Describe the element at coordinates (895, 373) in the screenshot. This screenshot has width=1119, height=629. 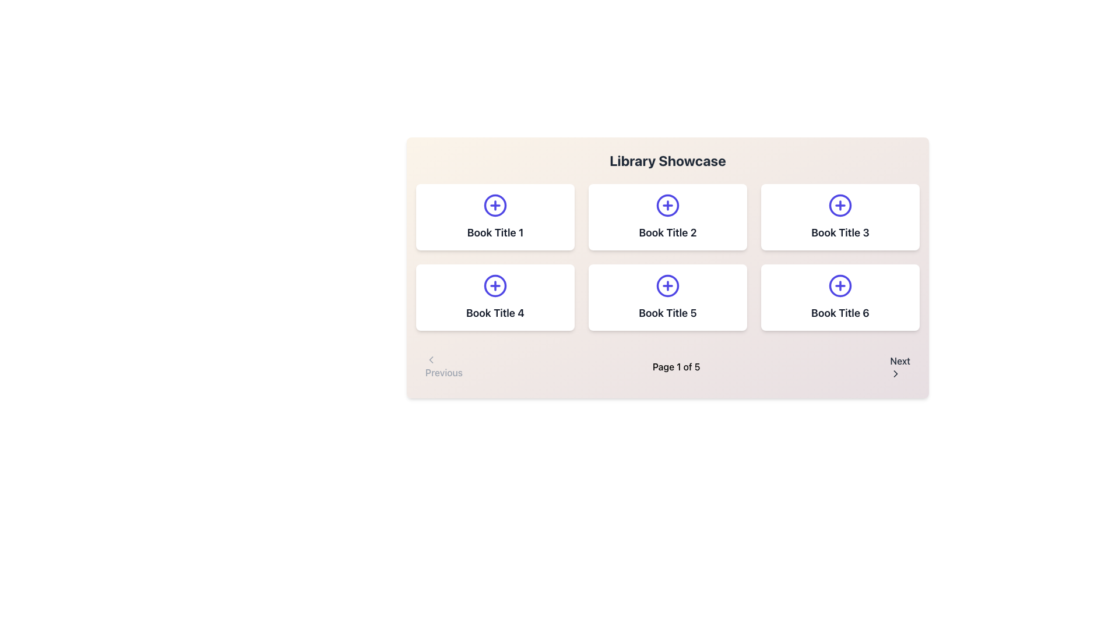
I see `the right-pointing arrow-shaped icon next to the 'Next' label` at that location.